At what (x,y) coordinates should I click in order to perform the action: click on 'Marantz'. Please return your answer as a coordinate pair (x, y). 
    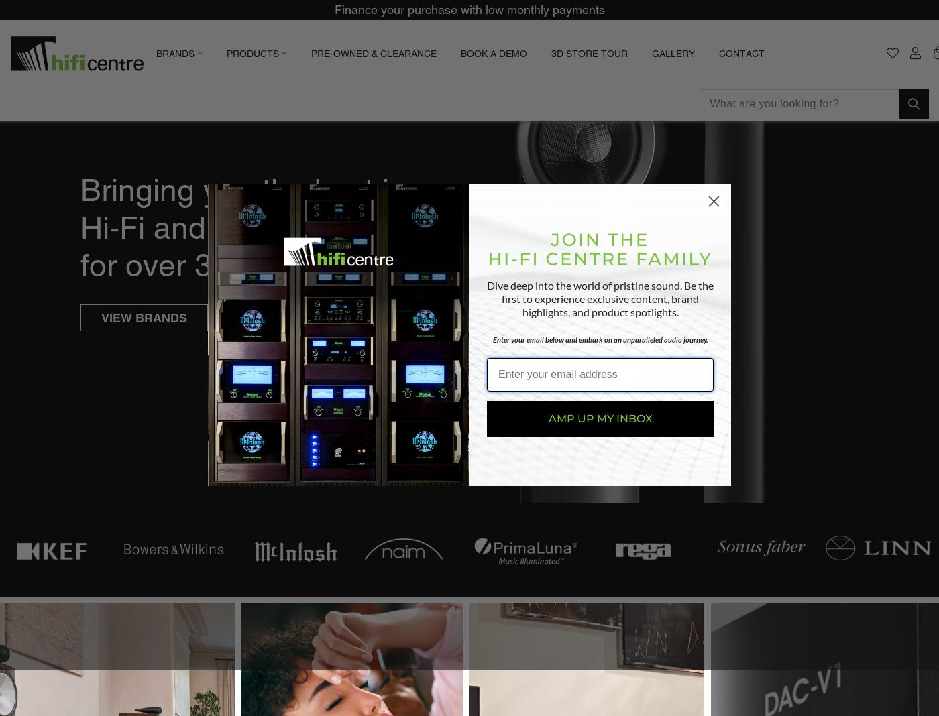
    Looking at the image, I should click on (498, 177).